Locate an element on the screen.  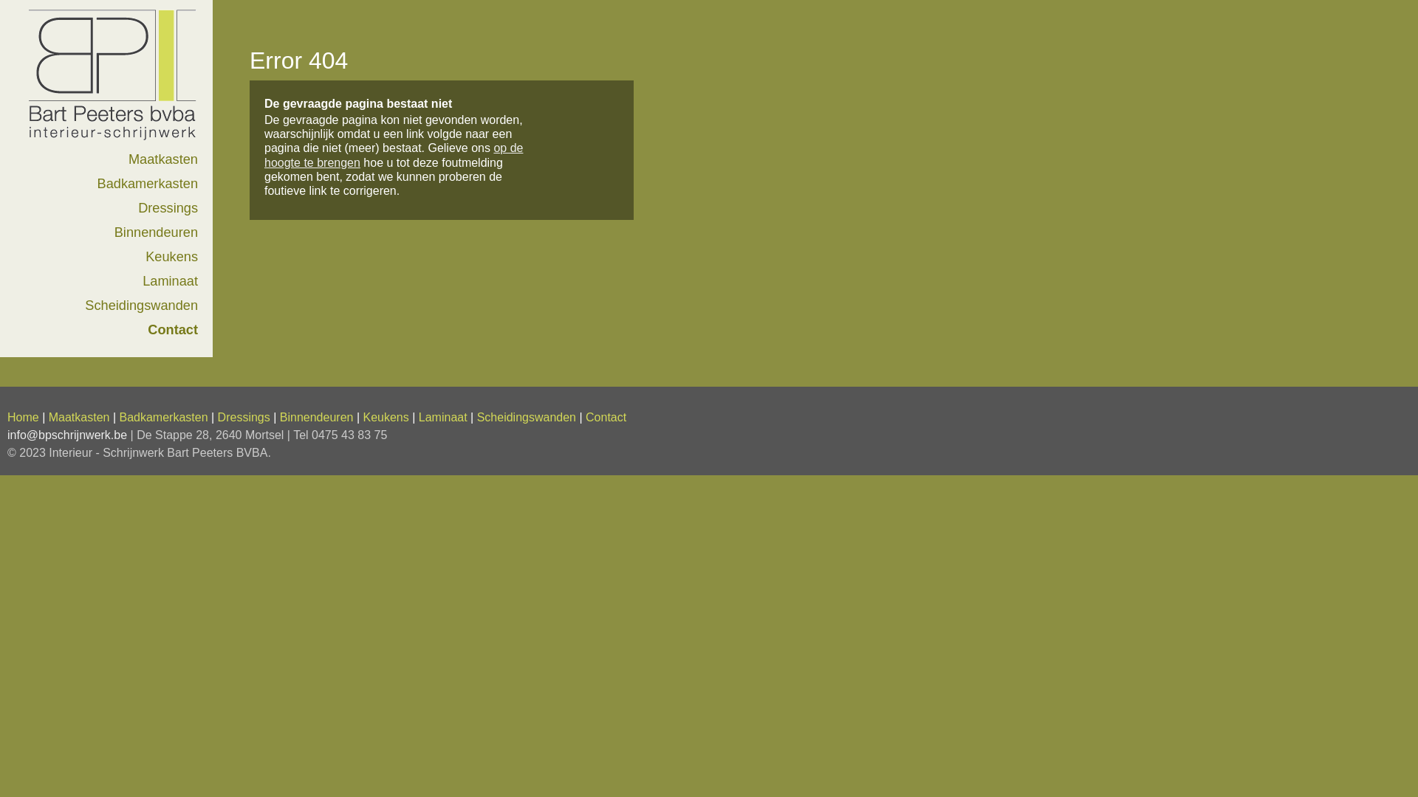
'Scheidingswanden' is located at coordinates (527, 417).